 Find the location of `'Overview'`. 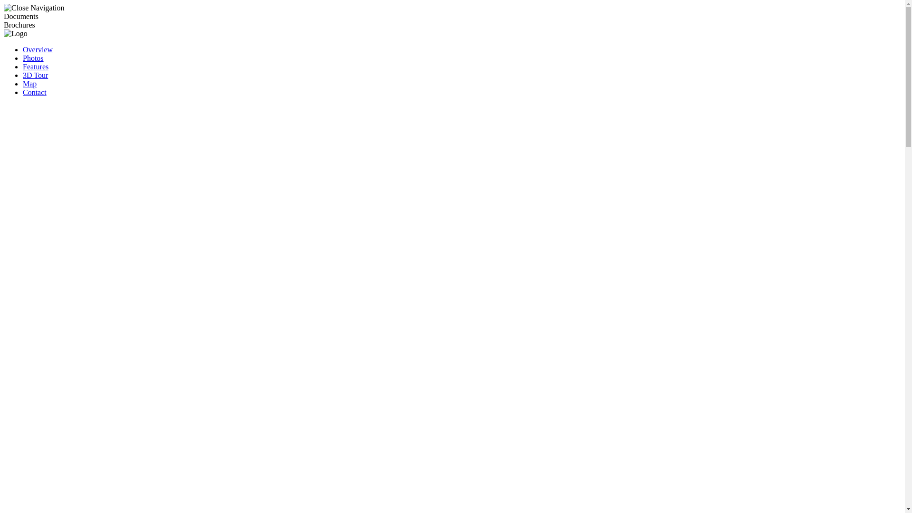

'Overview' is located at coordinates (38, 49).